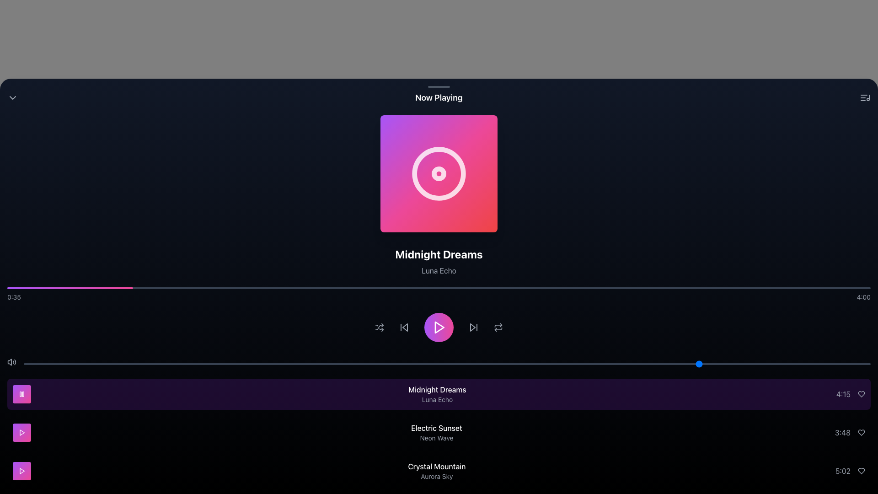  Describe the element at coordinates (861, 432) in the screenshot. I see `the heart icon on the right side of the row containing the song 'Electric Sunset' to mark it as a favorite` at that location.